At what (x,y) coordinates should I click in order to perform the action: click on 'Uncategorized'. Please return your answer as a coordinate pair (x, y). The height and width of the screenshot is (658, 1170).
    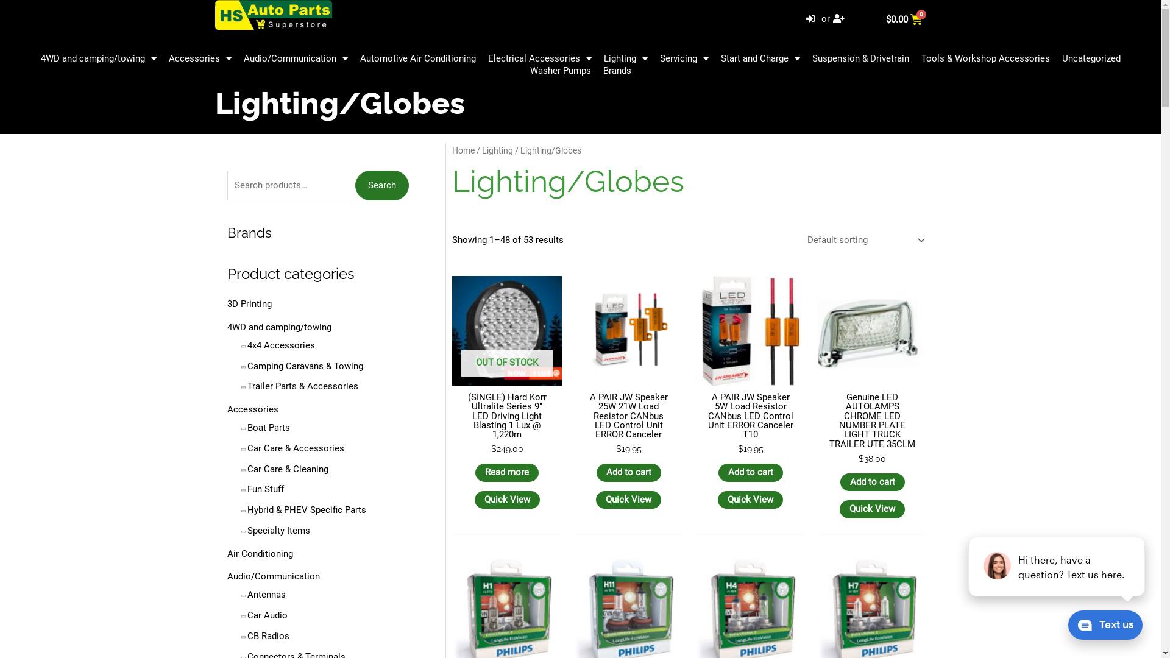
    Looking at the image, I should click on (1091, 58).